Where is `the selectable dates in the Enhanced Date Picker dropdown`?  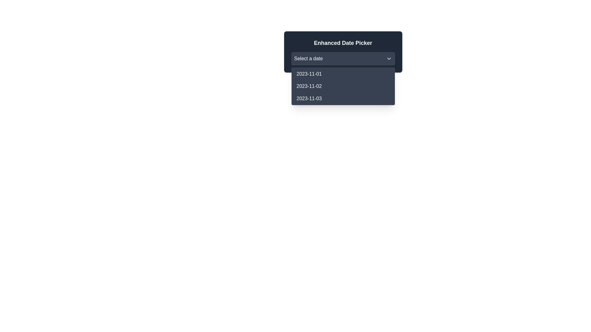
the selectable dates in the Enhanced Date Picker dropdown is located at coordinates (343, 52).